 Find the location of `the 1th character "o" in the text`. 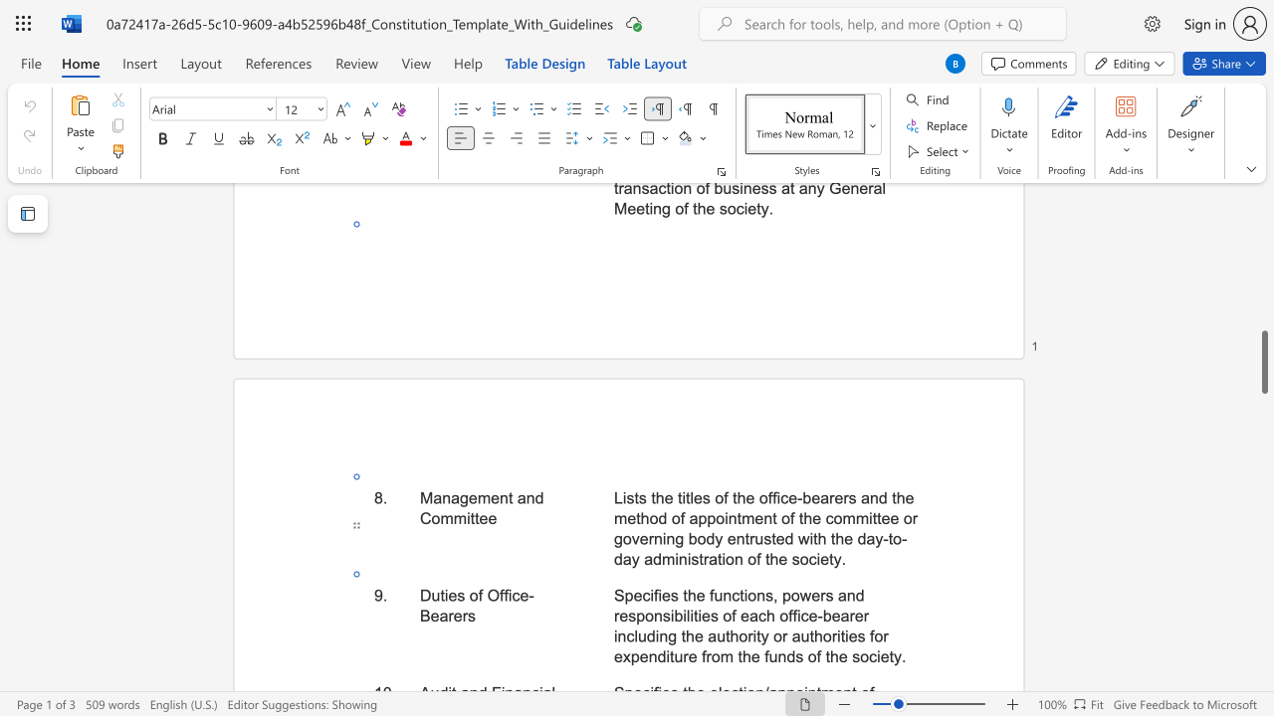

the 1th character "o" in the text is located at coordinates (473, 594).